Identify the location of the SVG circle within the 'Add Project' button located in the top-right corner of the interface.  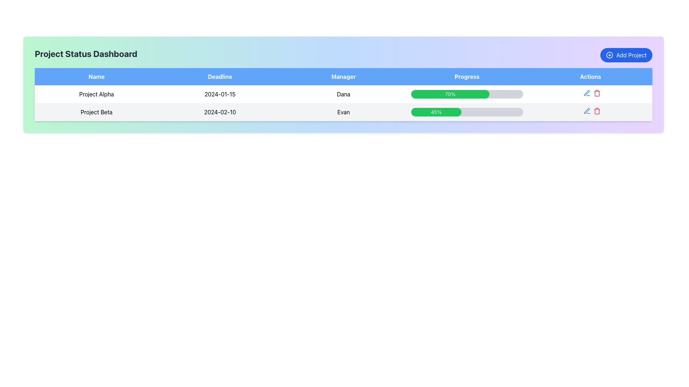
(609, 55).